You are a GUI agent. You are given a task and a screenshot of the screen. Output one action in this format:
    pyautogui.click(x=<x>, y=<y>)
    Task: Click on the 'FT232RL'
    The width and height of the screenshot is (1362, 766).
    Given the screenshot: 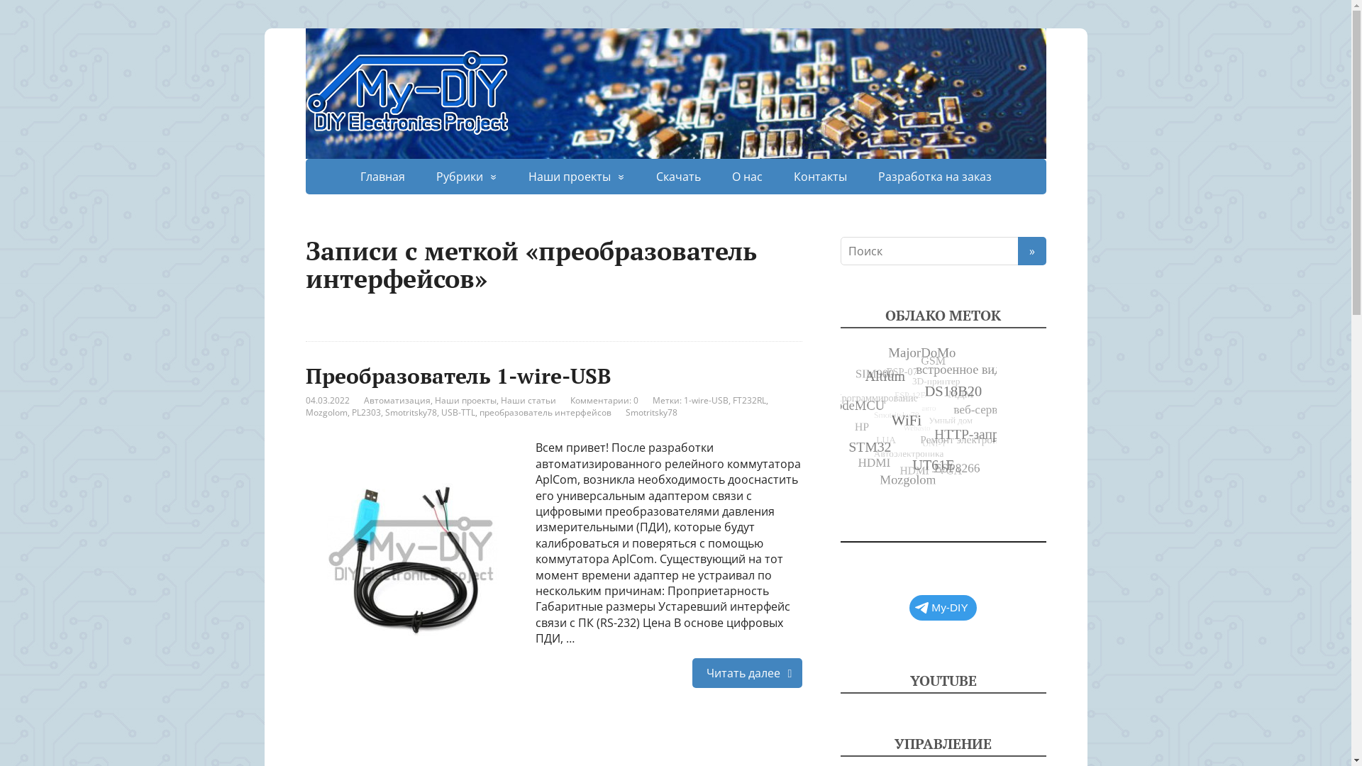 What is the action you would take?
    pyautogui.click(x=748, y=400)
    